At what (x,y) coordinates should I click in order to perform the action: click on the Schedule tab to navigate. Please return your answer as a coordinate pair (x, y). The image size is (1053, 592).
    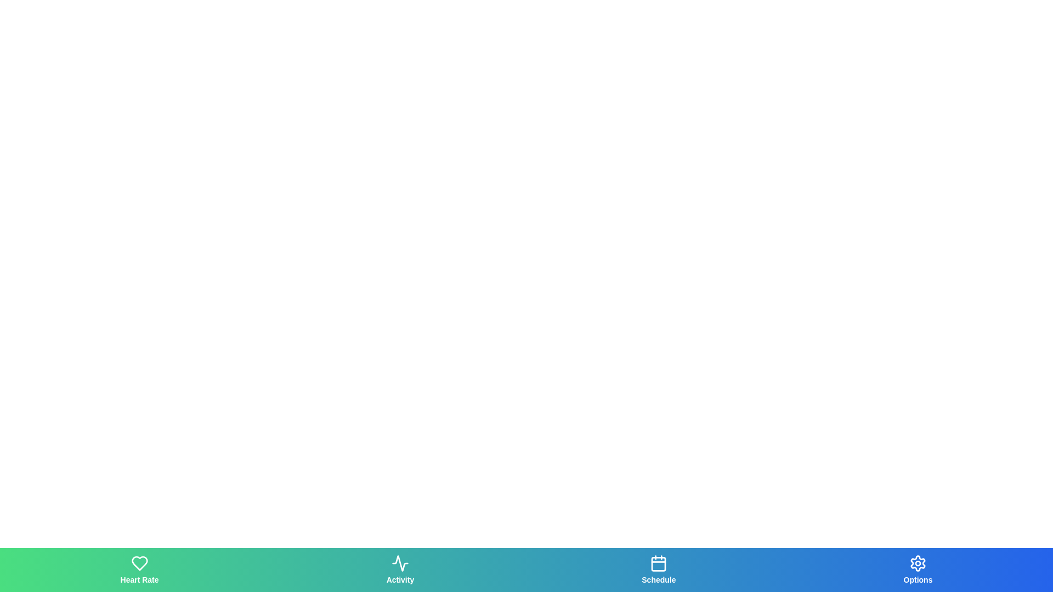
    Looking at the image, I should click on (658, 570).